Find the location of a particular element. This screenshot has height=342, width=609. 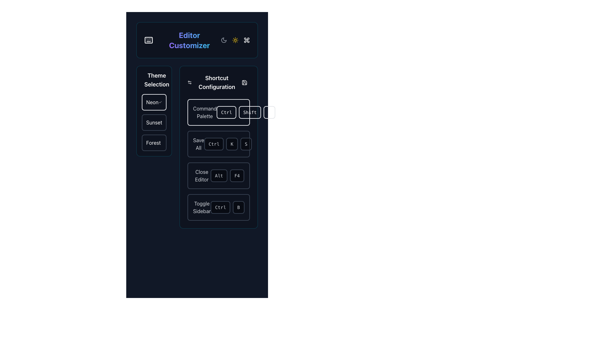

the 'Sunset' theme button located in the 'Theme Selection' section, positioned as the second option between 'Neon' and 'Forest' is located at coordinates (154, 122).